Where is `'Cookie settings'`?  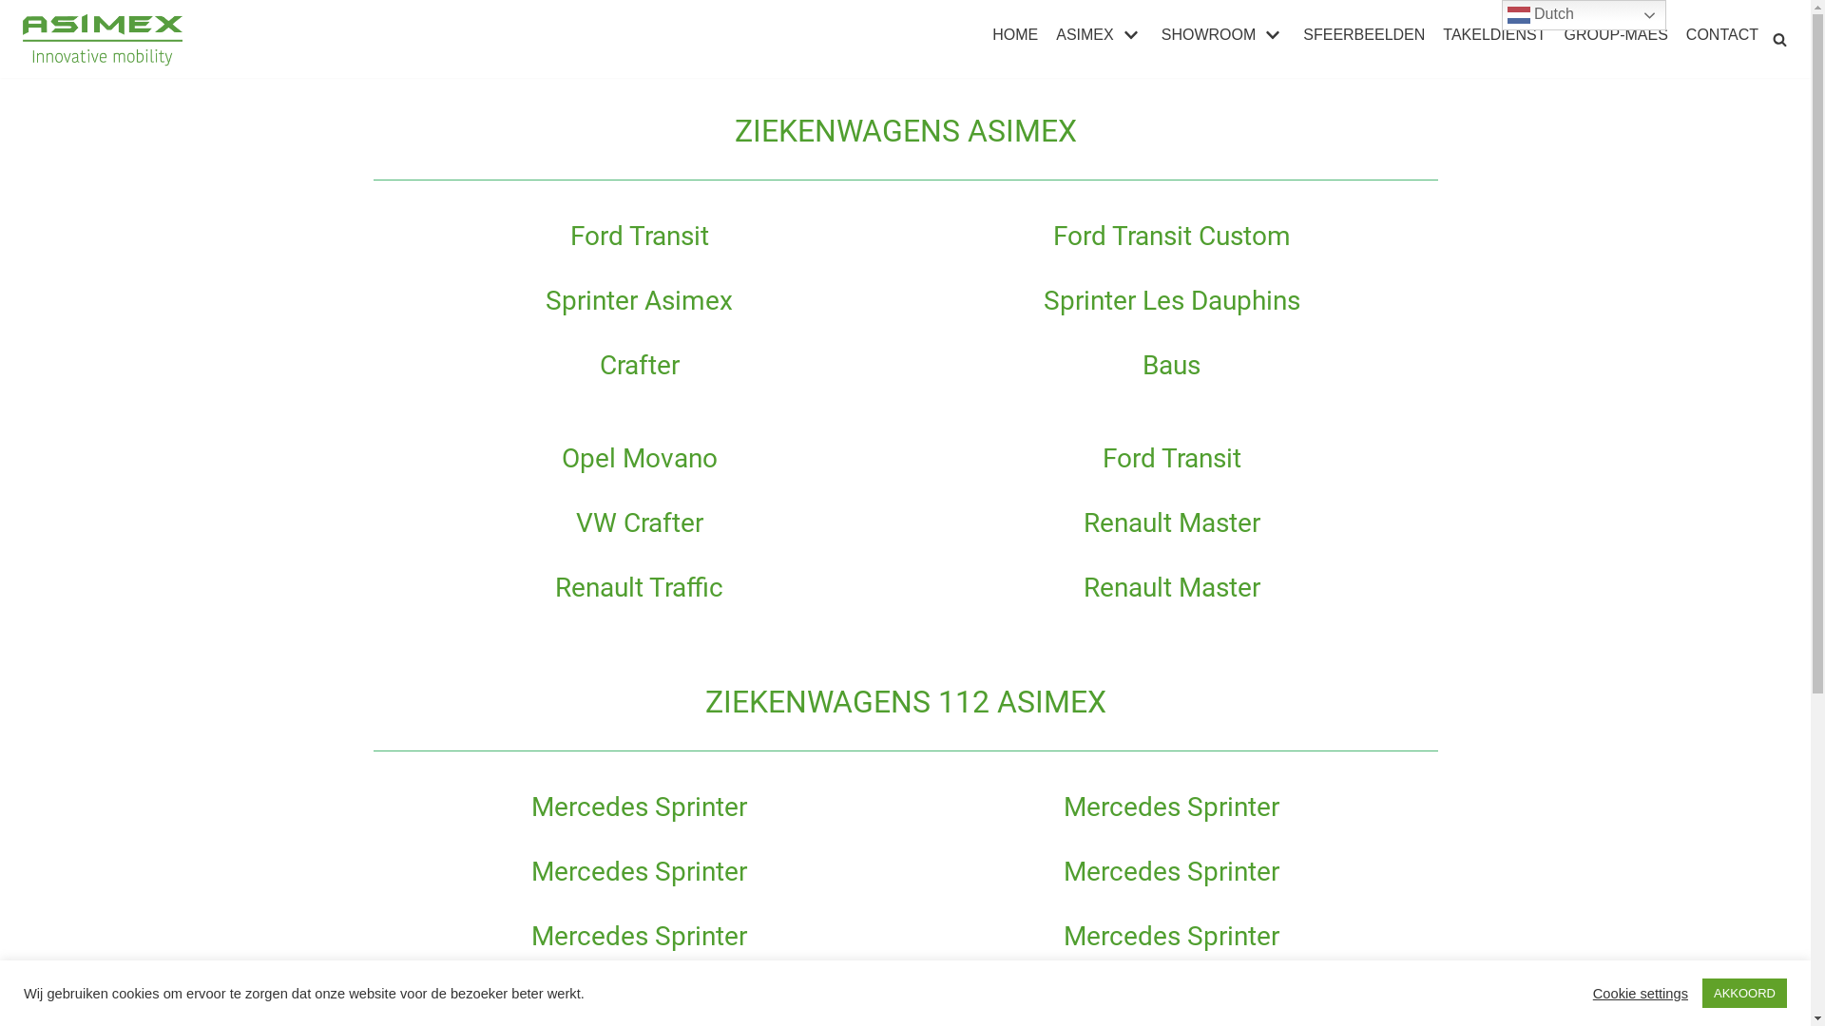
'Cookie settings' is located at coordinates (1640, 992).